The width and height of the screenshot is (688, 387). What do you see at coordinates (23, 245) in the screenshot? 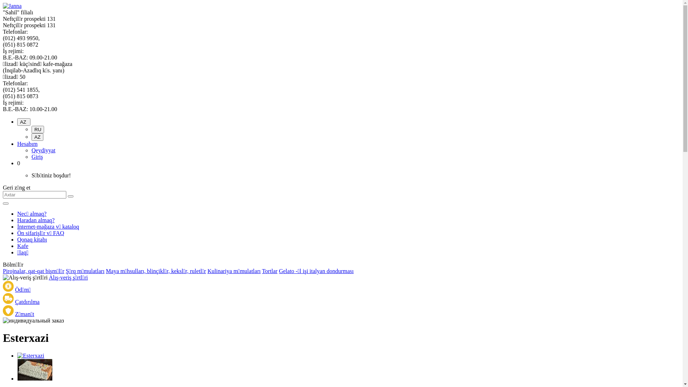
I see `'Kafe'` at bounding box center [23, 245].